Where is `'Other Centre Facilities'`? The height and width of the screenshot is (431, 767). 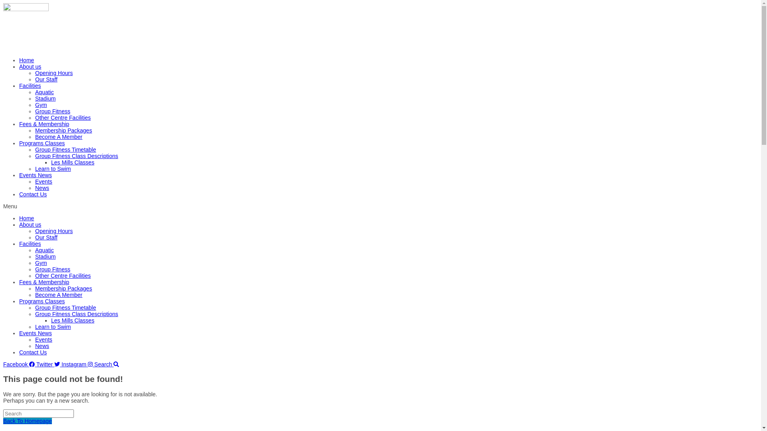
'Other Centre Facilities' is located at coordinates (62, 275).